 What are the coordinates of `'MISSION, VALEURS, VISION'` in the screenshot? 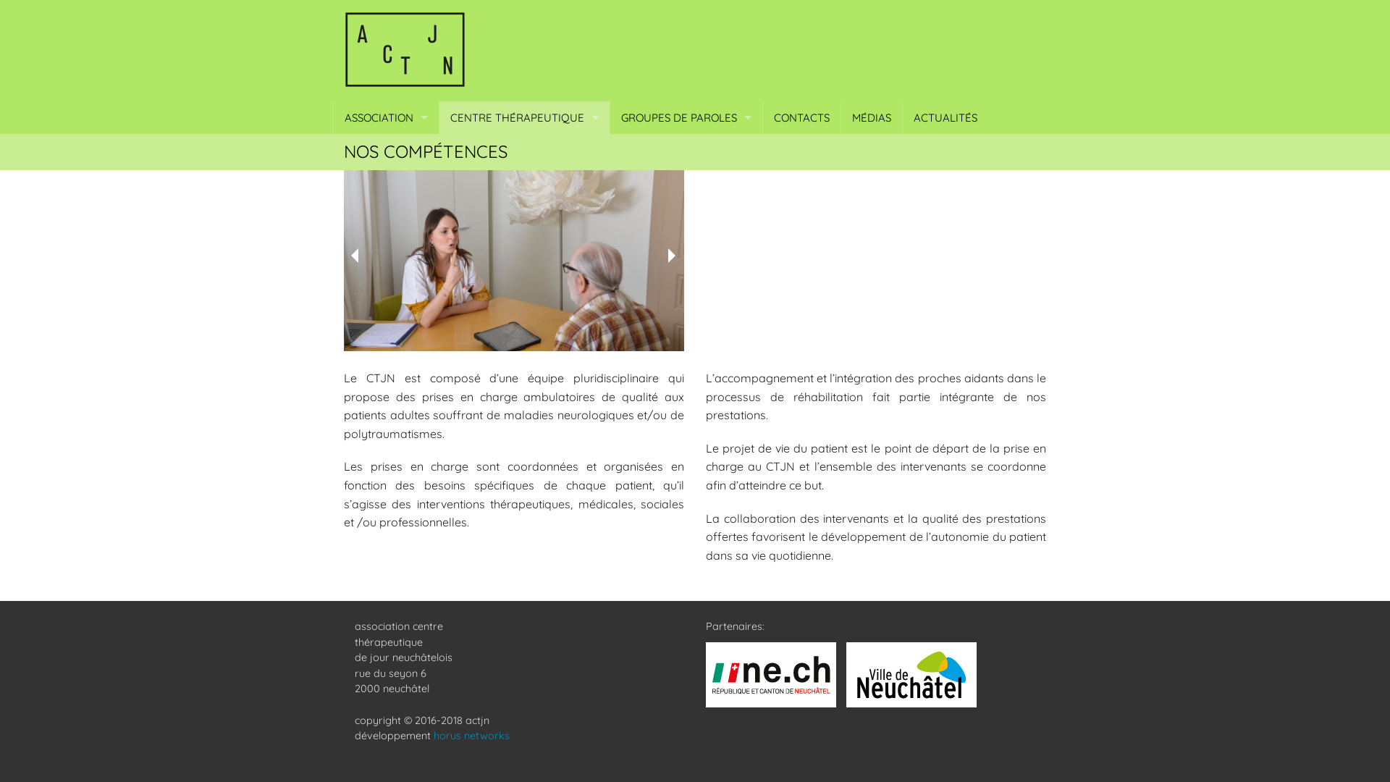 It's located at (386, 150).